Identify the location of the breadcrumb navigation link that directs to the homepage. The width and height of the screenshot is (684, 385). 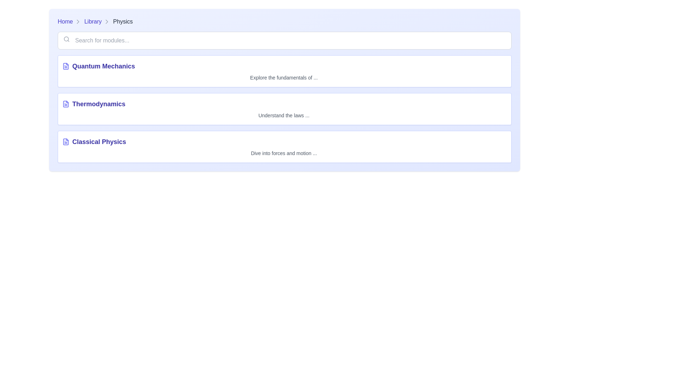
(65, 21).